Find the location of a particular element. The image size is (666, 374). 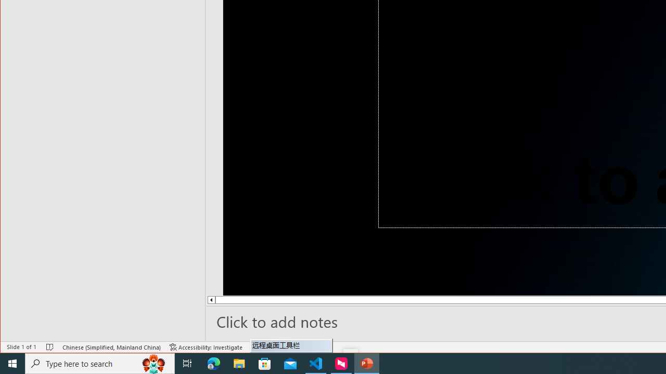

'Search highlights icon opens search home window' is located at coordinates (153, 363).